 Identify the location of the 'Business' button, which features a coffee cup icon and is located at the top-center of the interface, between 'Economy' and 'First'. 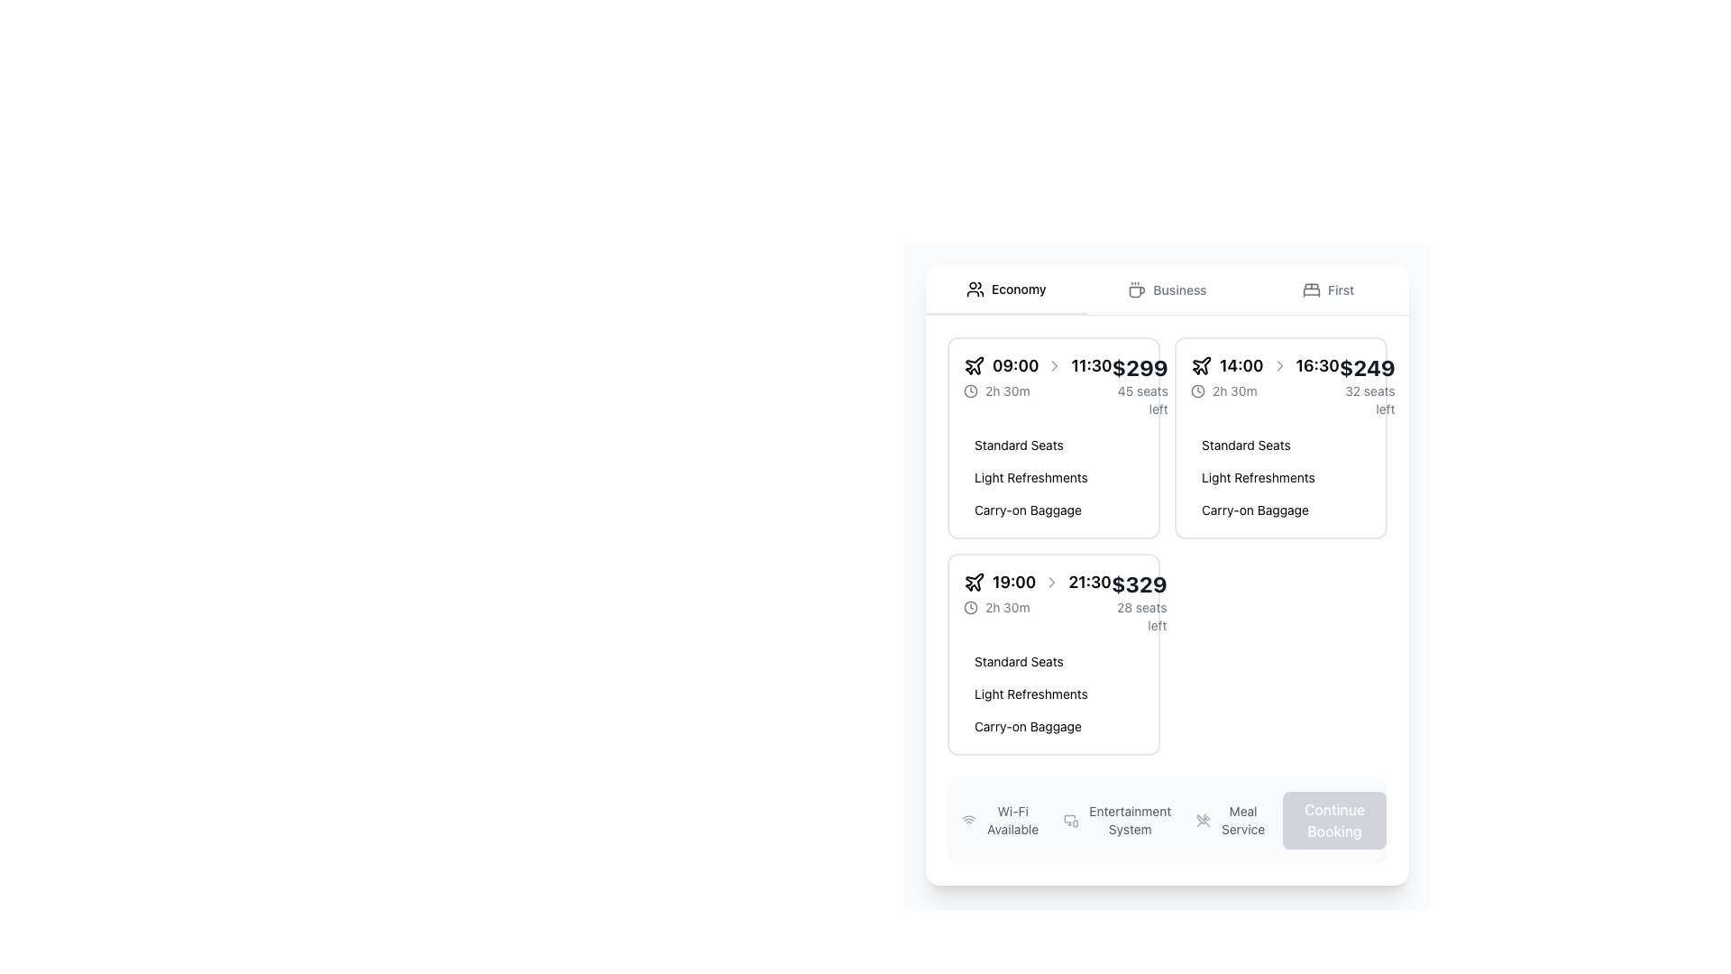
(1168, 289).